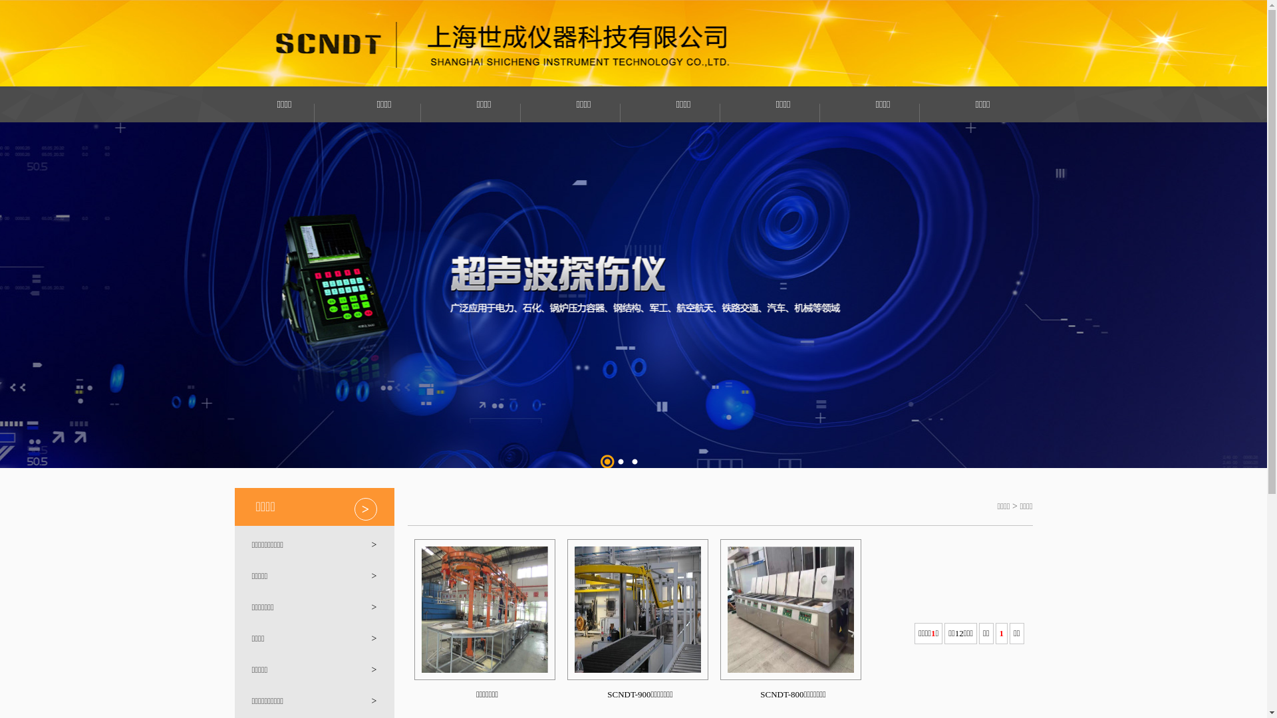 The image size is (1277, 718). Describe the element at coordinates (606, 461) in the screenshot. I see `'1'` at that location.